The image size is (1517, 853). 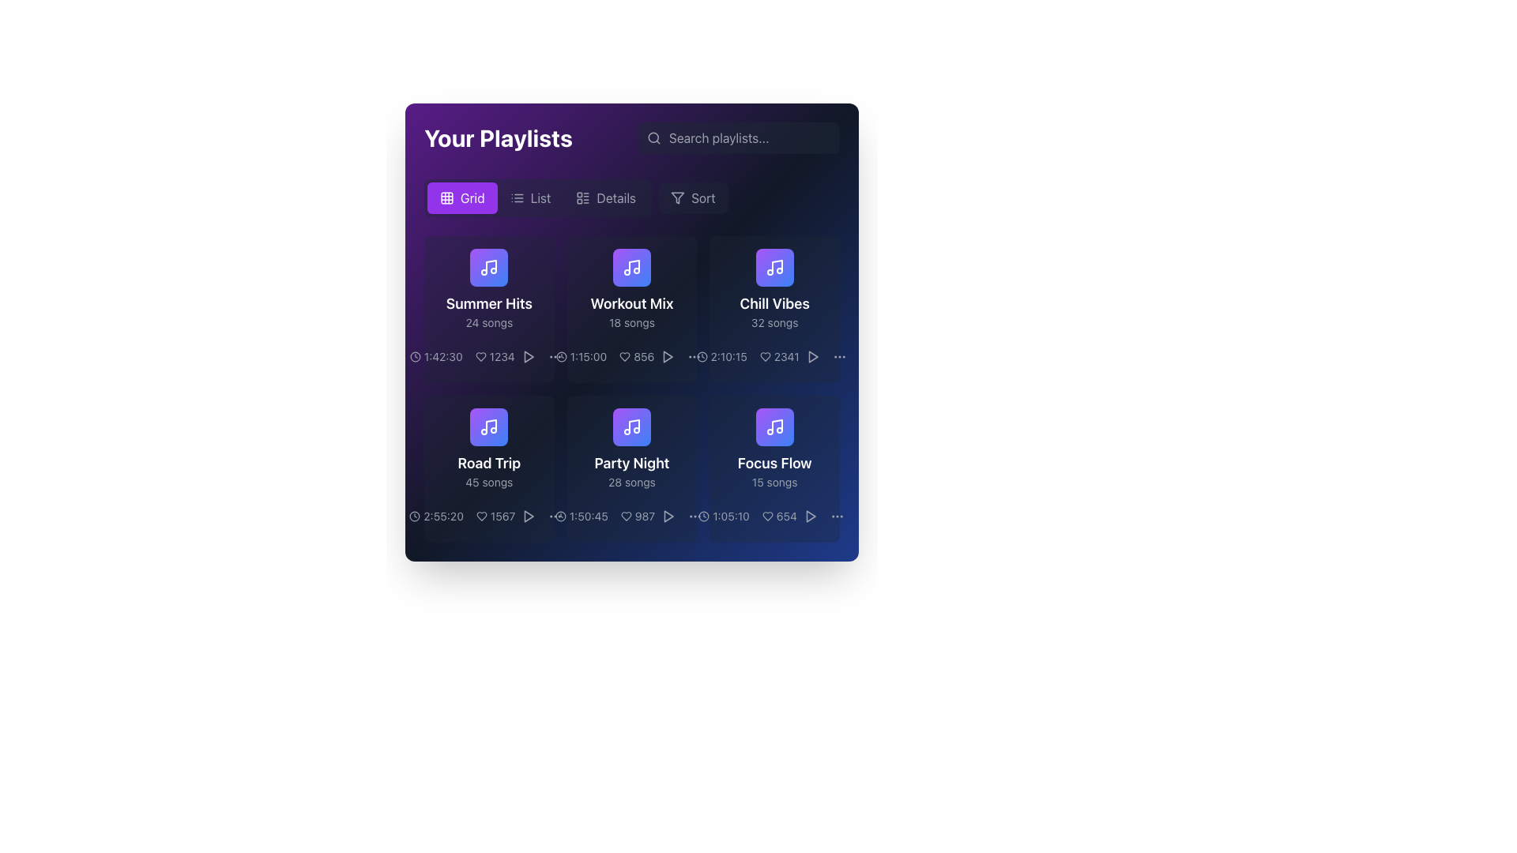 I want to click on the 'Chill Vibes' card element in the 'Your Playlists' section, so click(x=774, y=289).